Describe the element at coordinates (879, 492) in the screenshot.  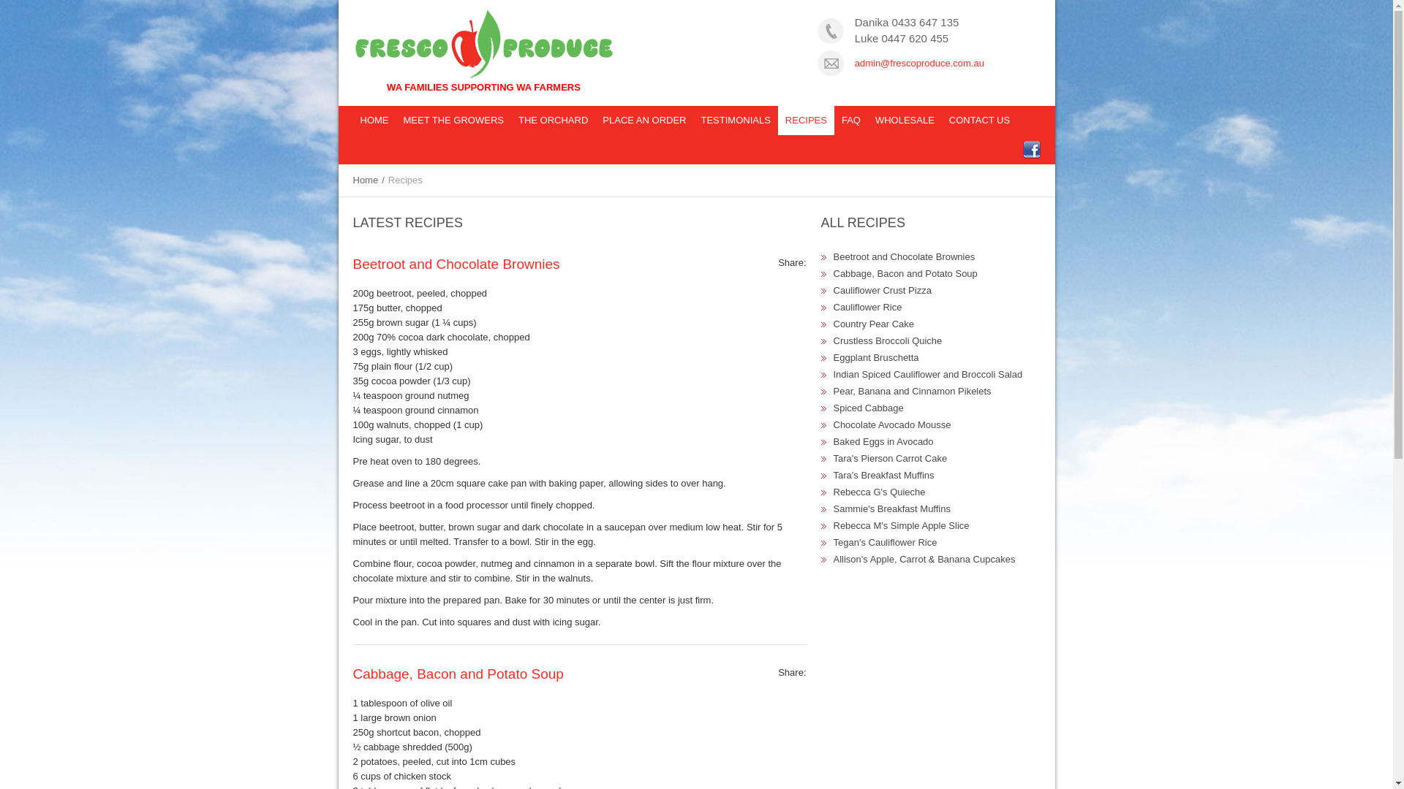
I see `'Rebecca G's Quieche'` at that location.